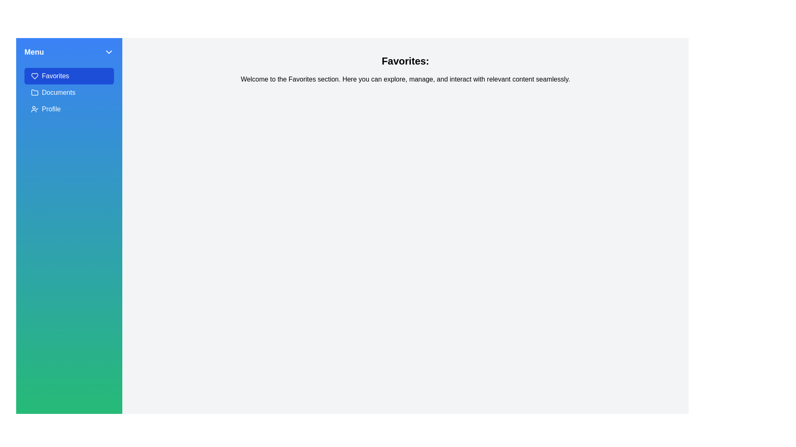  I want to click on the Favorites tab in the drawer, so click(69, 76).